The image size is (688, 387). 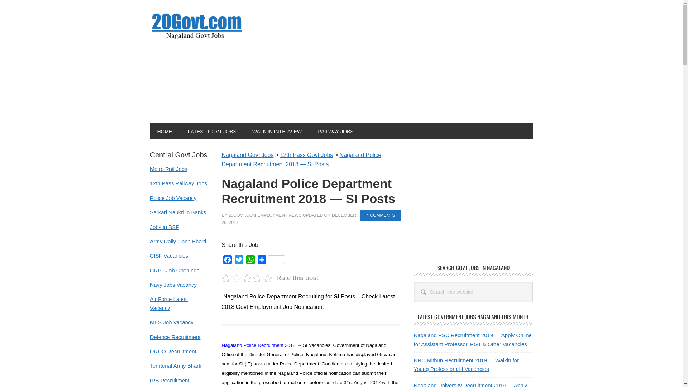 I want to click on 'HOME', so click(x=164, y=131).